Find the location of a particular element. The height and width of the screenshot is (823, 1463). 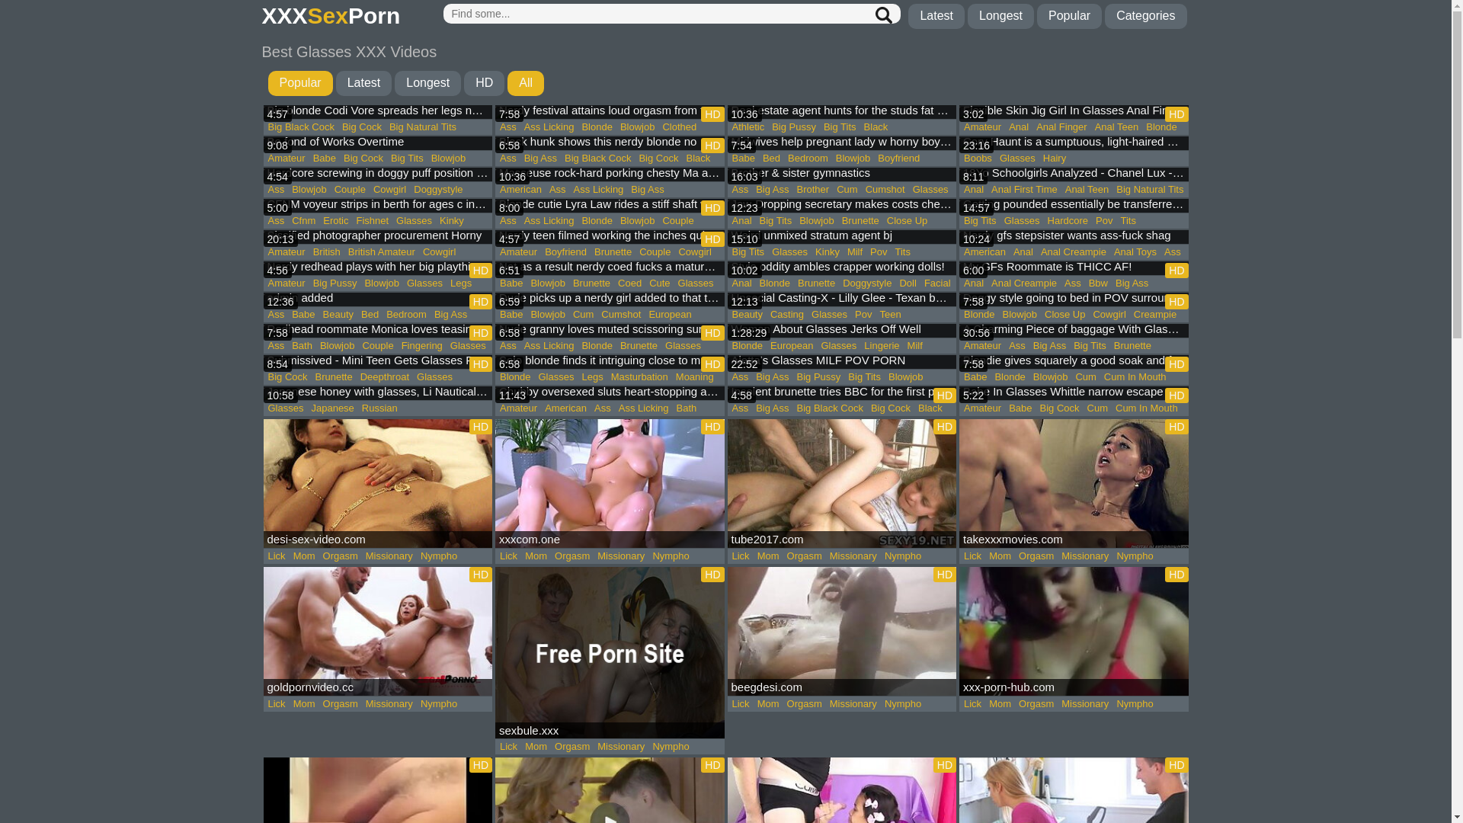

'Cfnm' is located at coordinates (288, 220).